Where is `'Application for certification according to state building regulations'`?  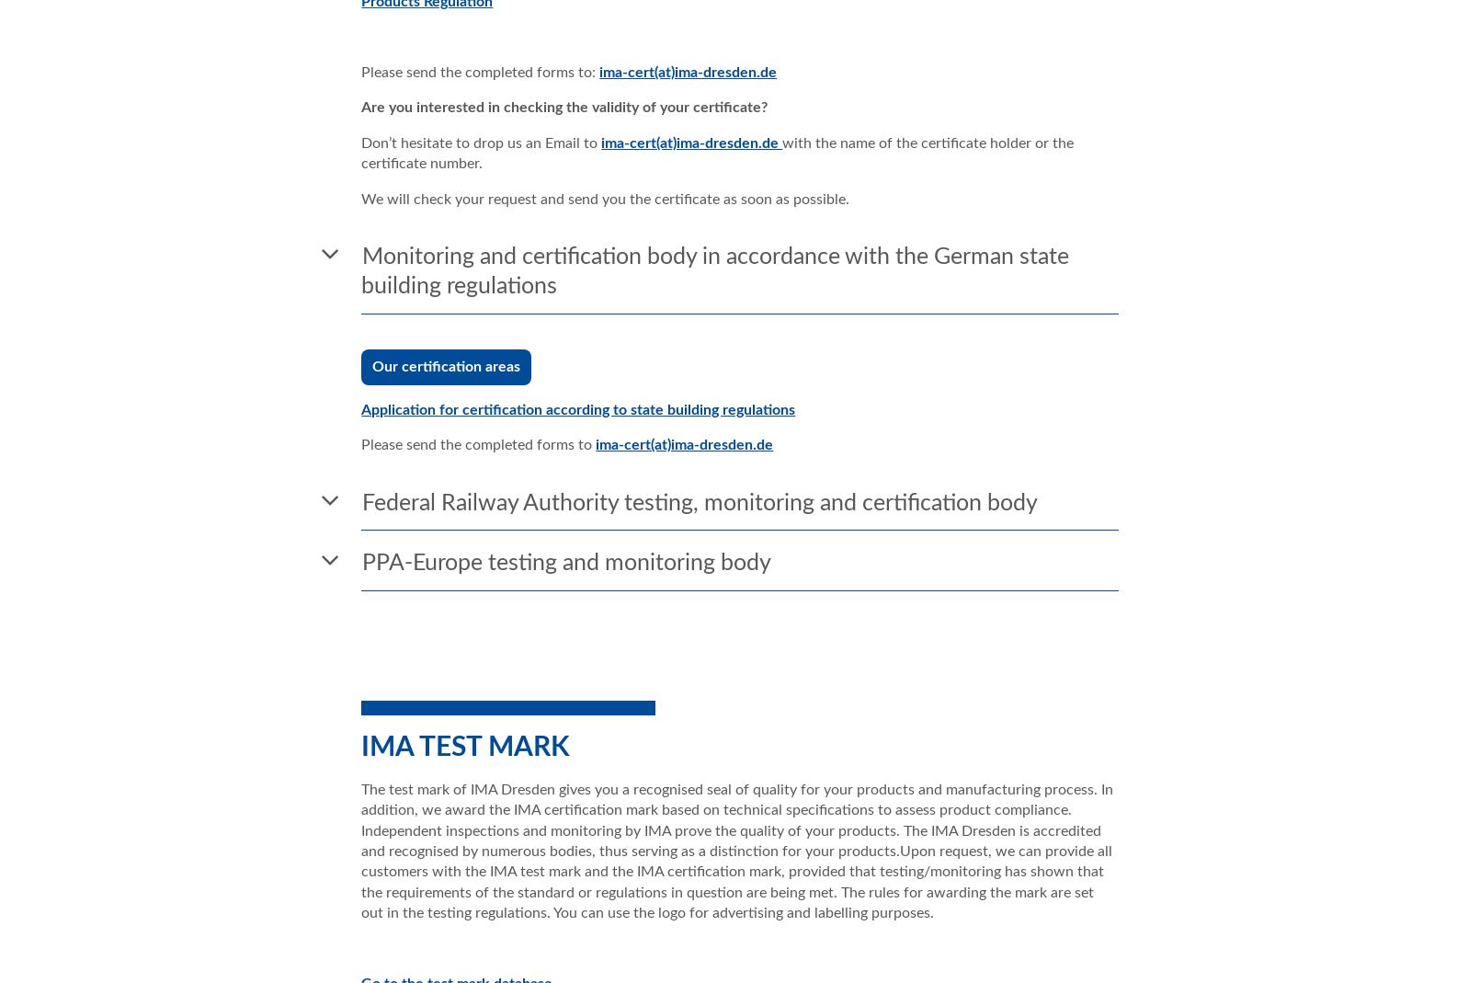 'Application for certification according to state building regulations' is located at coordinates (578, 408).